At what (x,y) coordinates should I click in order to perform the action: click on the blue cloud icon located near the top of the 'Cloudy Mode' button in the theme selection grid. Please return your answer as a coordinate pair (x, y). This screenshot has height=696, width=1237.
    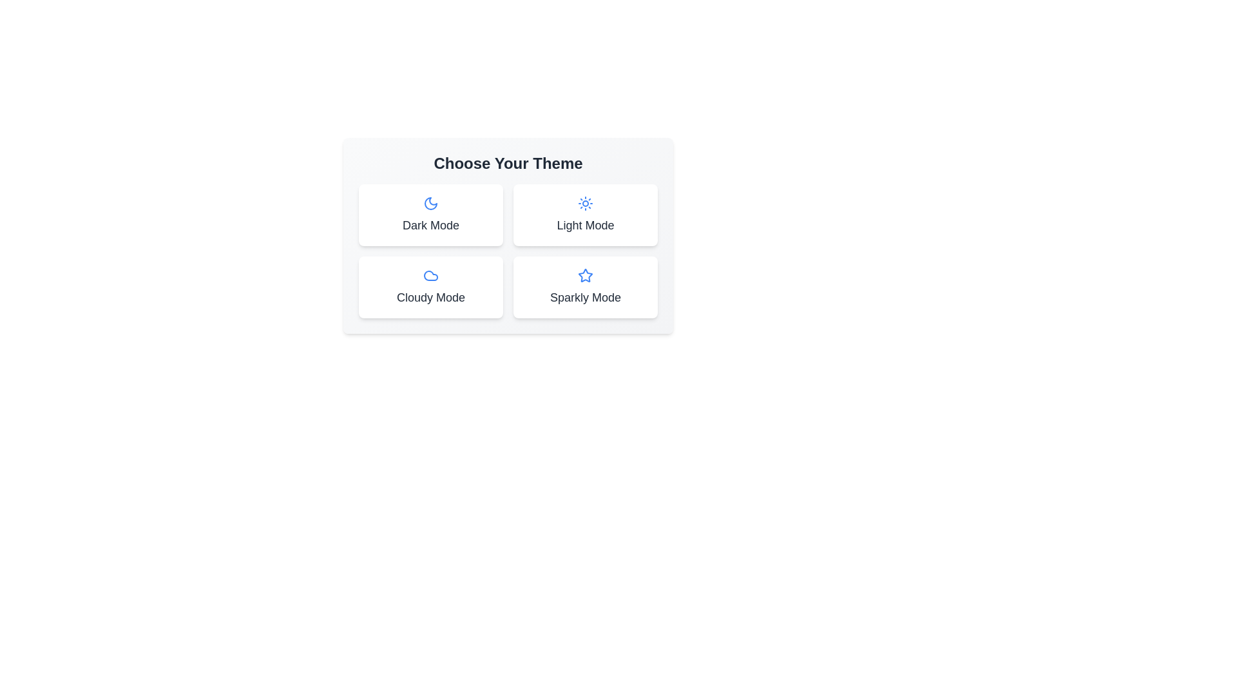
    Looking at the image, I should click on (430, 275).